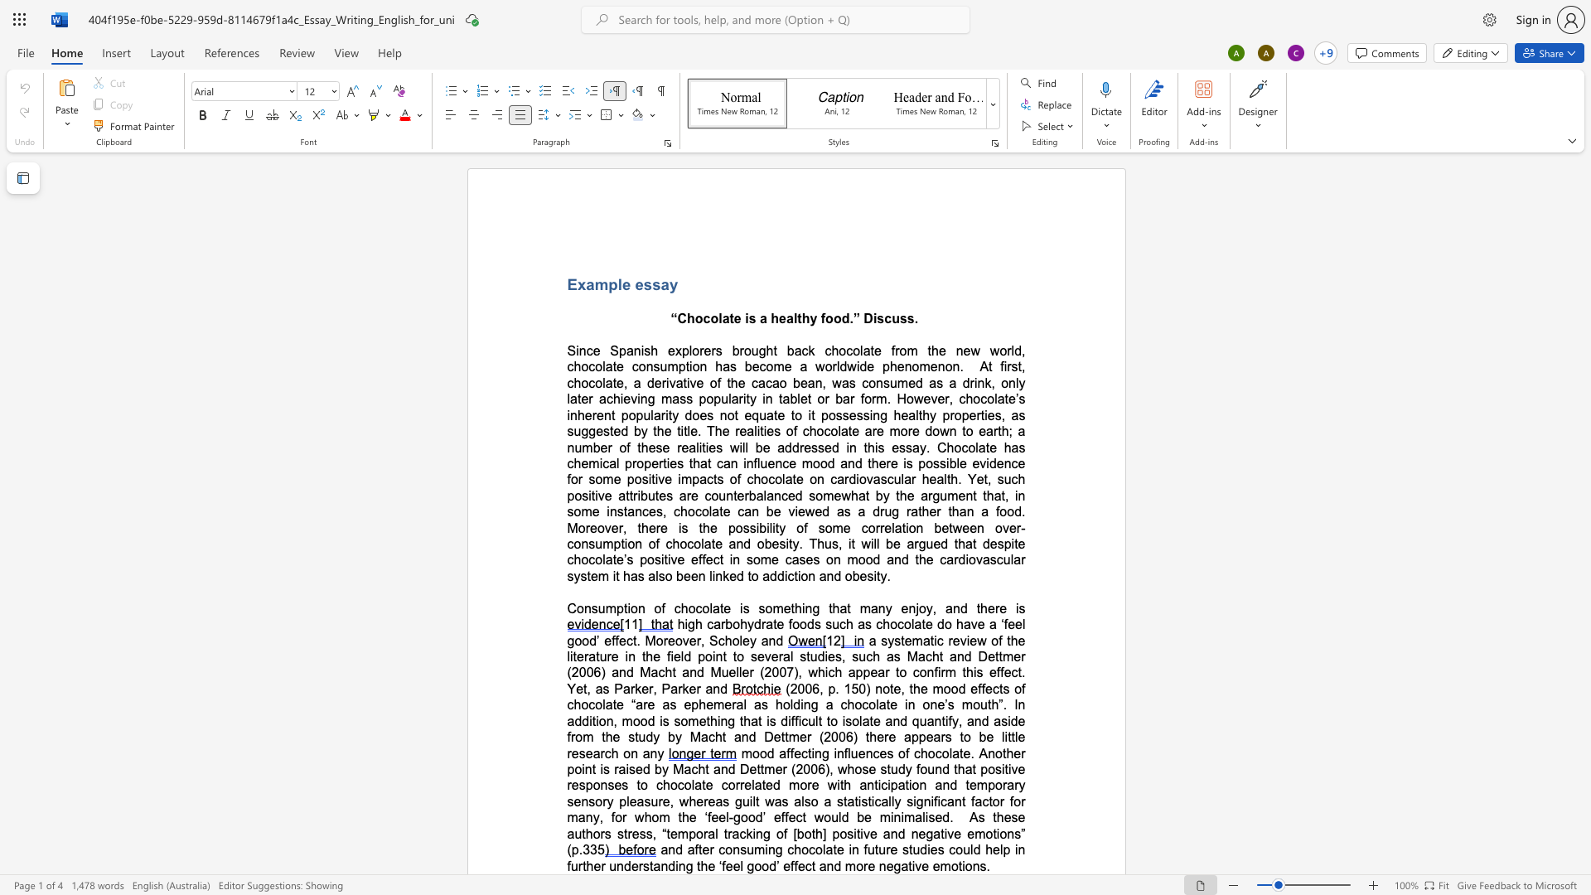  I want to click on the space between the continuous character "a" and "t" in the text, so click(863, 495).